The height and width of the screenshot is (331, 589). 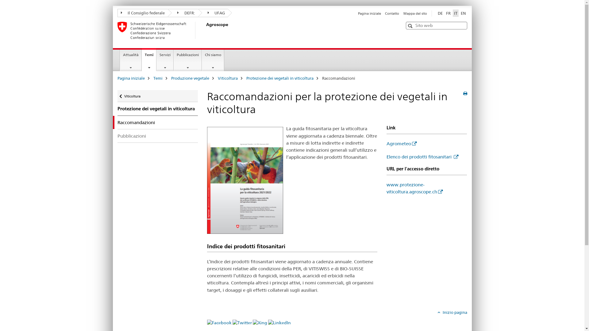 What do you see at coordinates (465, 93) in the screenshot?
I see `'Stampa la pagina'` at bounding box center [465, 93].